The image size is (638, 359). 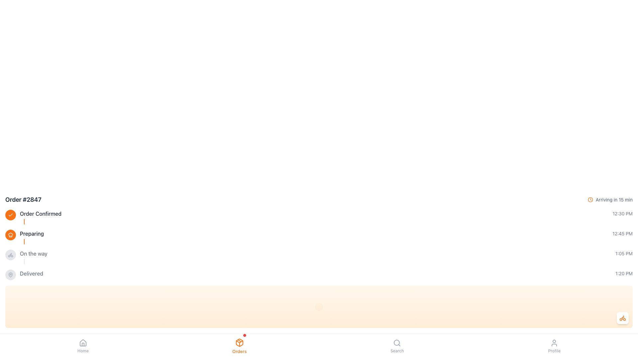 I want to click on the circular icon with an orange background and white checkmark, located next to the 'Order Confirmed' text, so click(x=11, y=215).